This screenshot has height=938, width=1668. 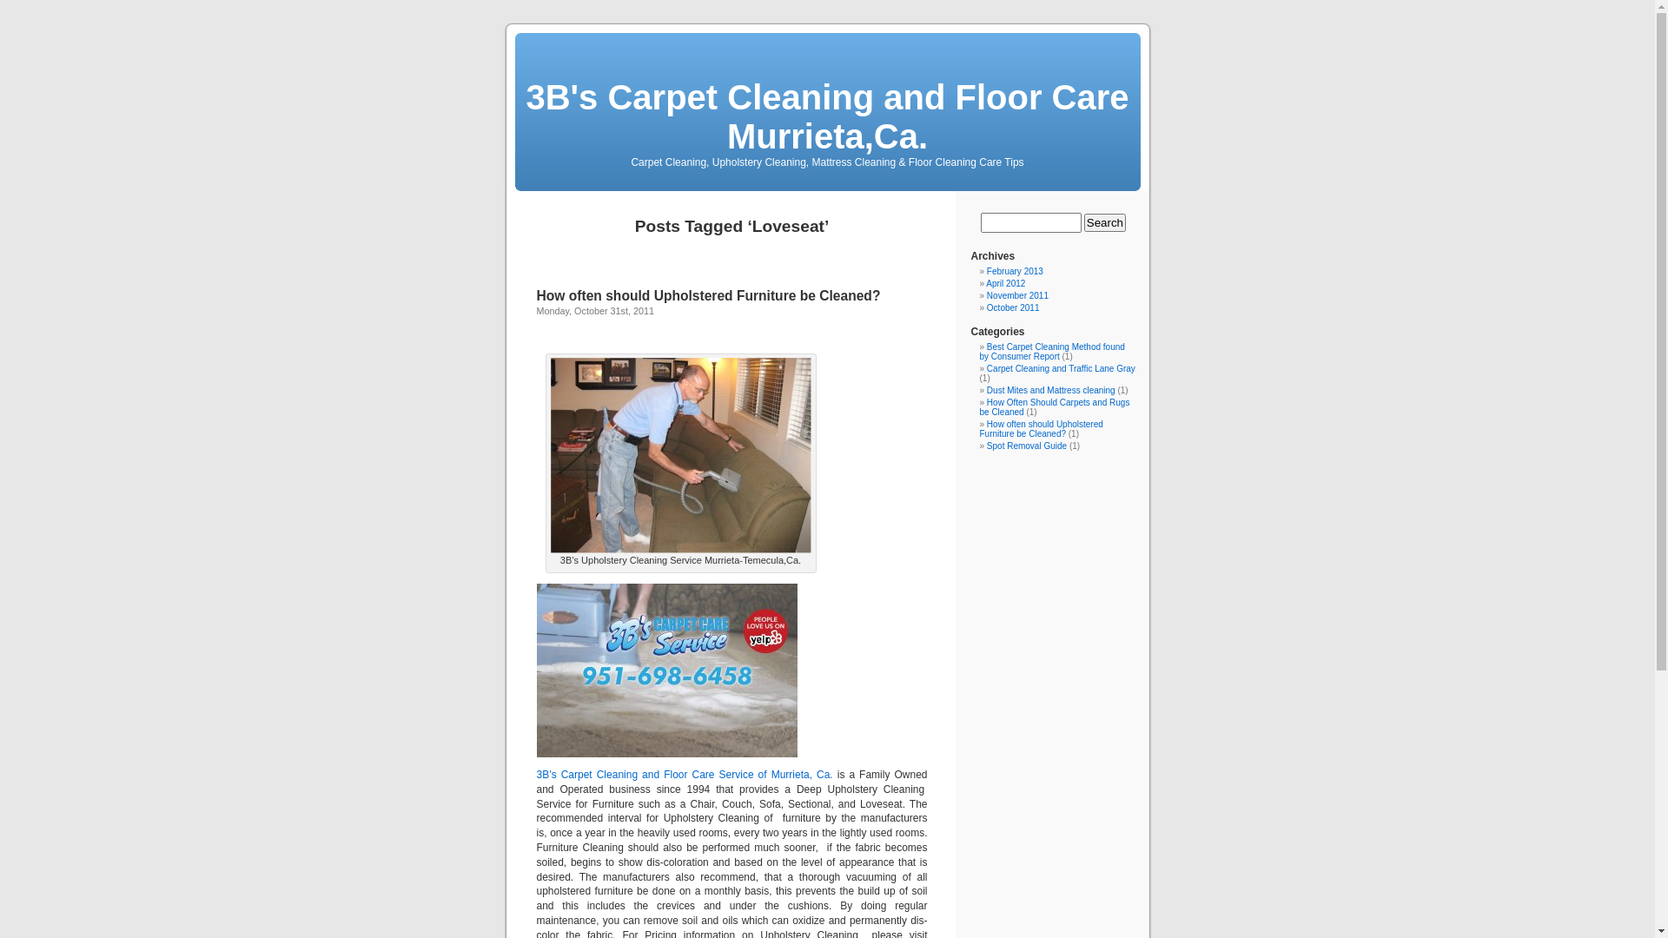 I want to click on 'Search', so click(x=1104, y=221).